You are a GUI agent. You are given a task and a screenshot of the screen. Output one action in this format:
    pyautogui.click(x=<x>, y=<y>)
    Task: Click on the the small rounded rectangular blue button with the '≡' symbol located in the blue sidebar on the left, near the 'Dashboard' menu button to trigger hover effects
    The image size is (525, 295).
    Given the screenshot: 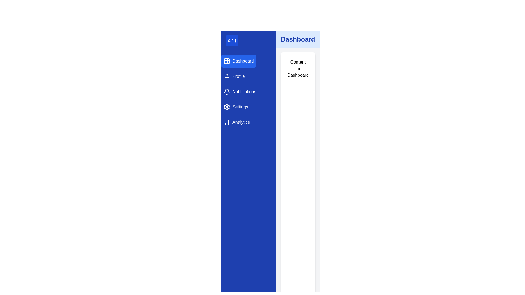 What is the action you would take?
    pyautogui.click(x=232, y=40)
    